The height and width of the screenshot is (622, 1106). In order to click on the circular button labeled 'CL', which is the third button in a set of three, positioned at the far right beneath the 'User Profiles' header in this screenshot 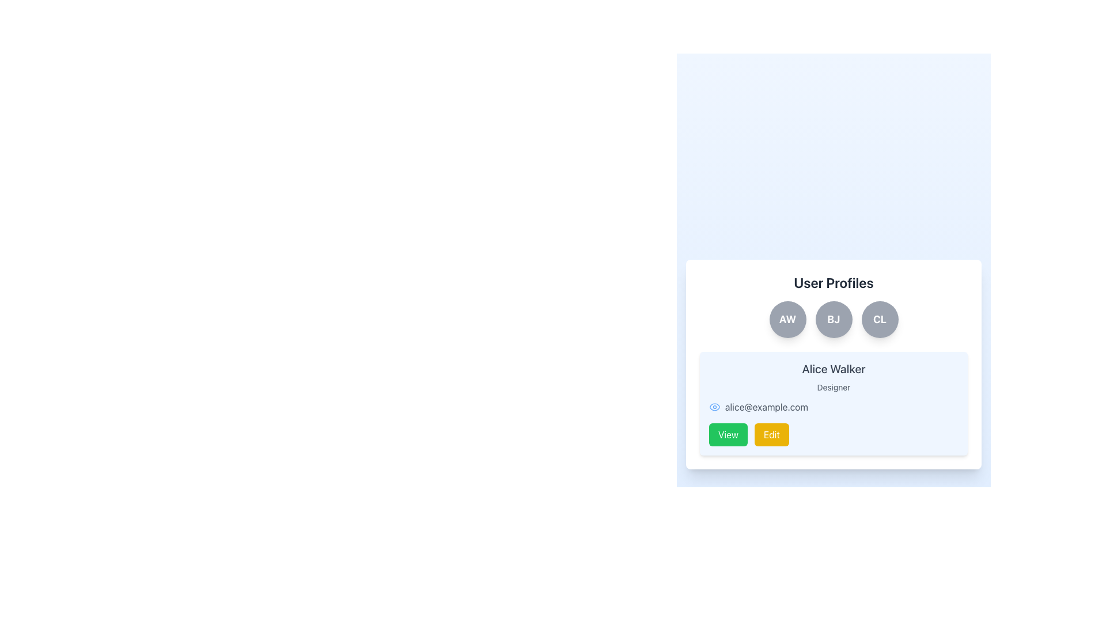, I will do `click(879, 320)`.